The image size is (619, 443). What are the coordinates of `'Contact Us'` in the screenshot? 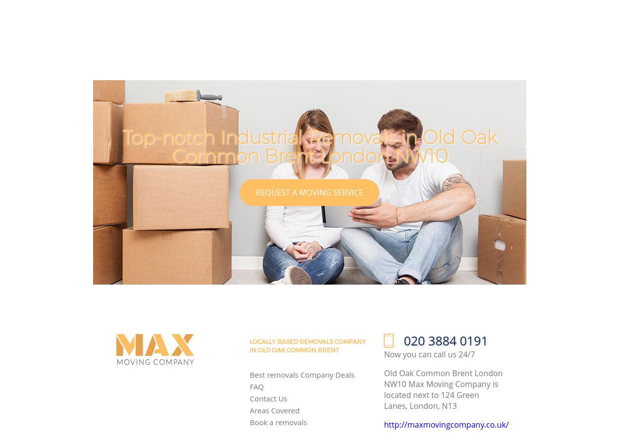 It's located at (250, 397).